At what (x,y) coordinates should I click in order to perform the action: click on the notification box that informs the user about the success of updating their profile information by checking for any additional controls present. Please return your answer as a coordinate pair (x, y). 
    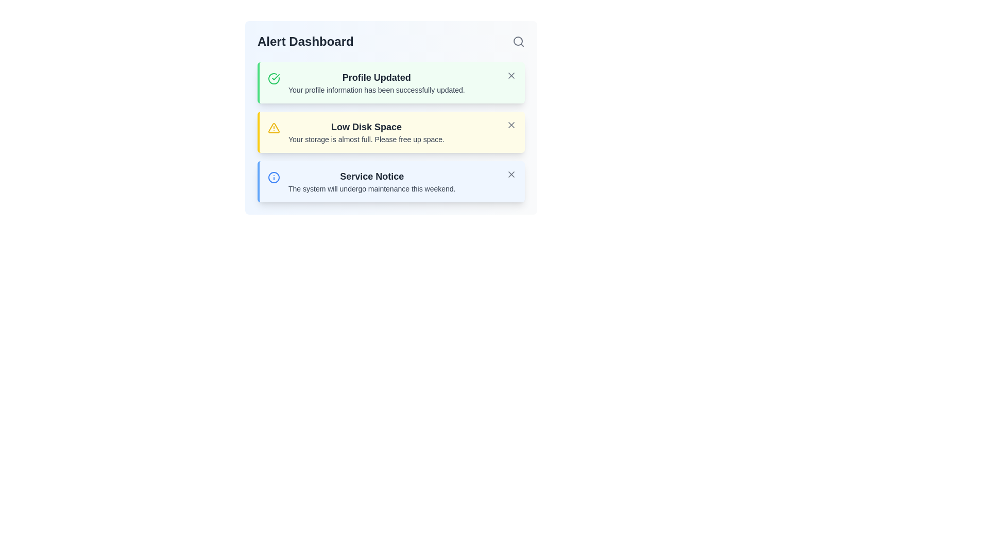
    Looking at the image, I should click on (390, 82).